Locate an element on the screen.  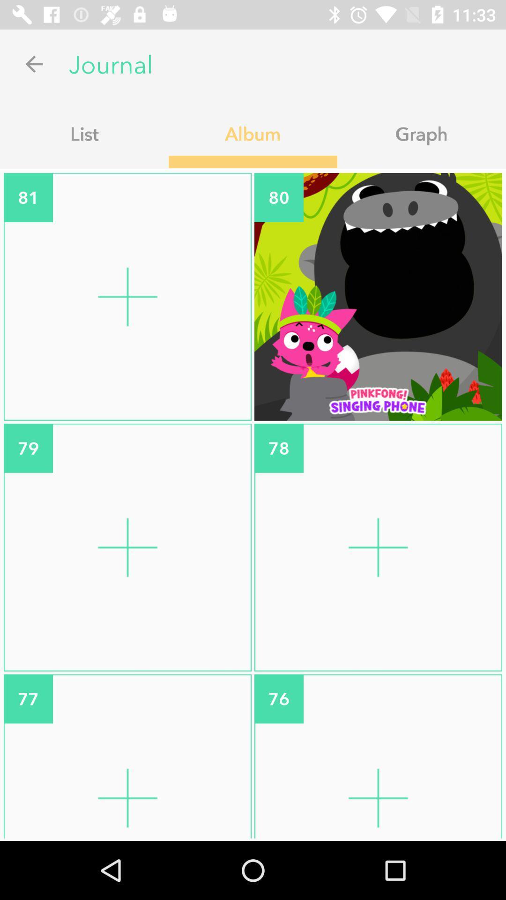
the icon next to graph app is located at coordinates (253, 133).